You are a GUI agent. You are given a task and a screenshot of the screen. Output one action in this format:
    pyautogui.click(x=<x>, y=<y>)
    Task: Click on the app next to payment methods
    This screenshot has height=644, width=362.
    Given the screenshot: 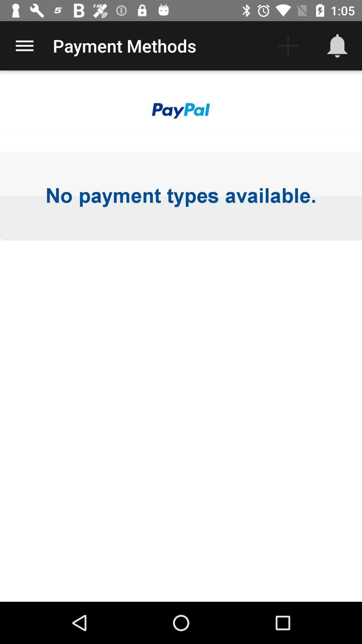 What is the action you would take?
    pyautogui.click(x=24, y=45)
    